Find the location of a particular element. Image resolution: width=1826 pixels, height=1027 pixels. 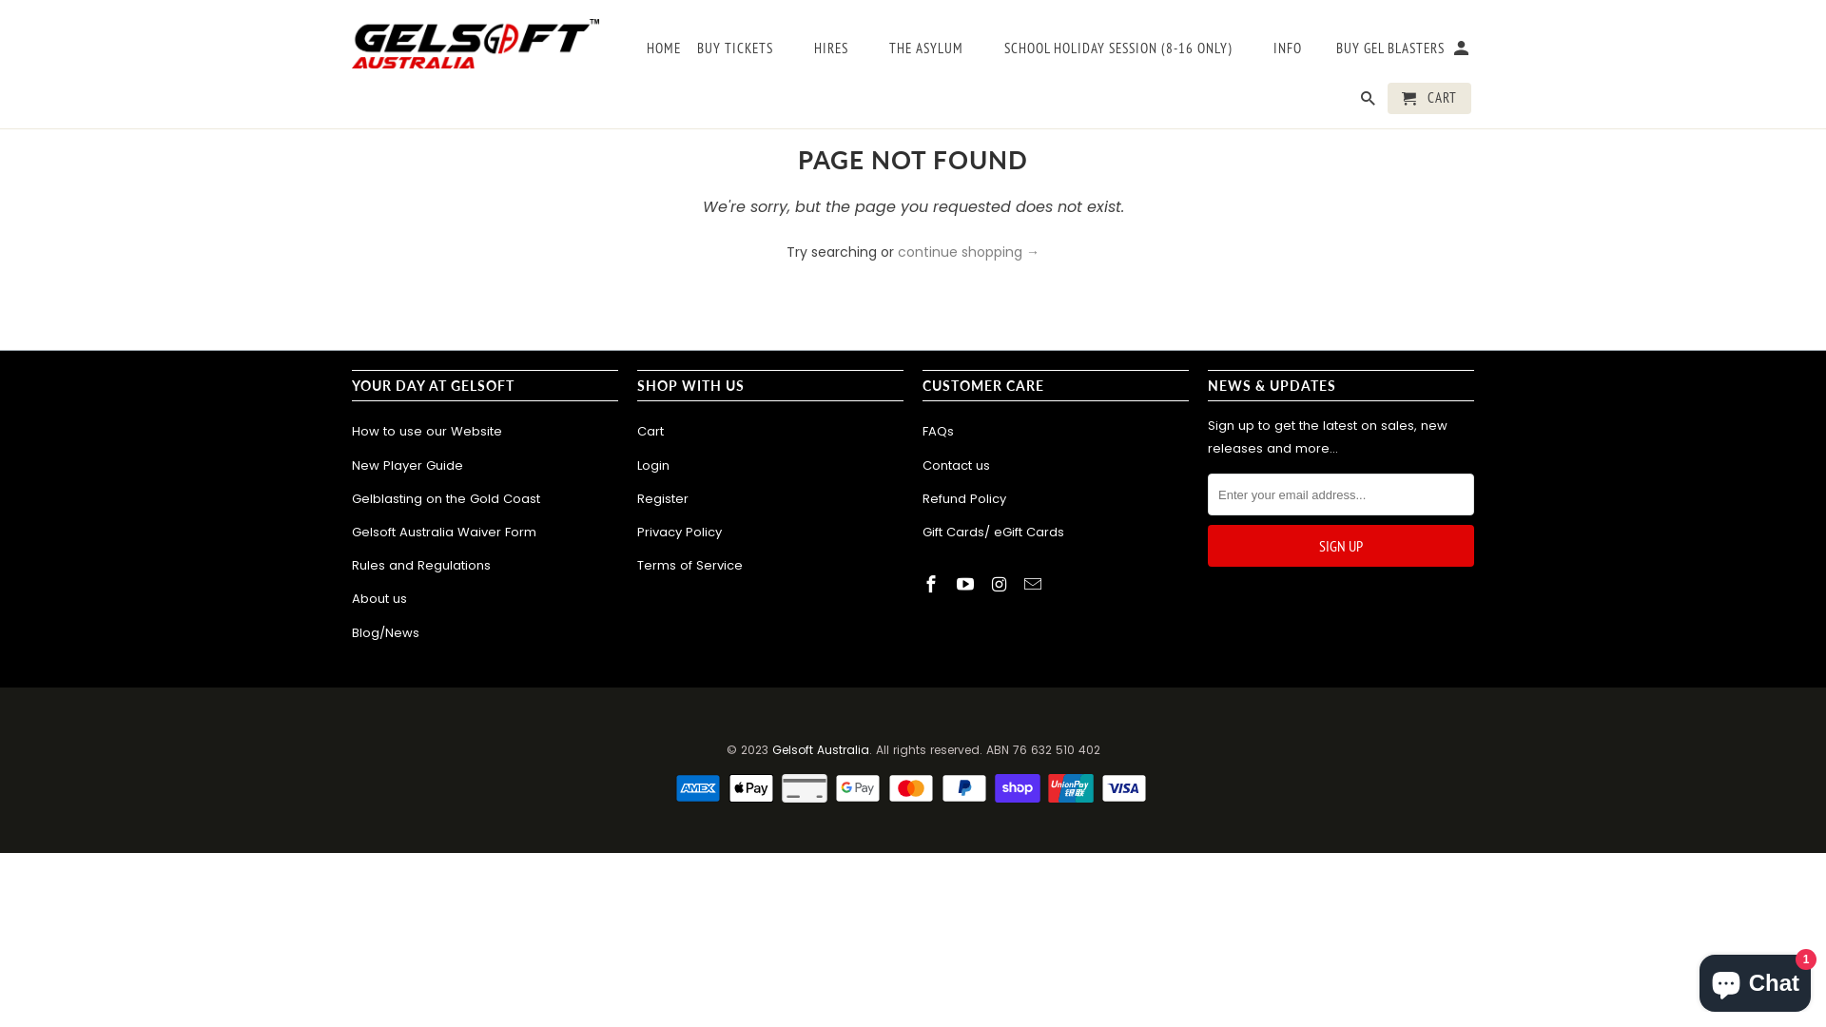

'FAQs' is located at coordinates (938, 431).